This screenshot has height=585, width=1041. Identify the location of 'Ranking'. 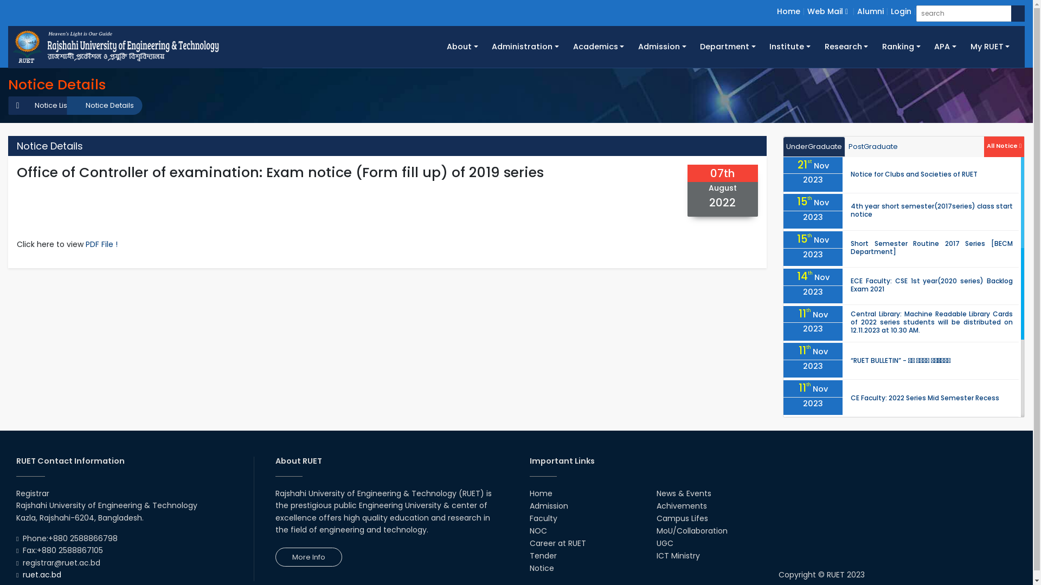
(901, 46).